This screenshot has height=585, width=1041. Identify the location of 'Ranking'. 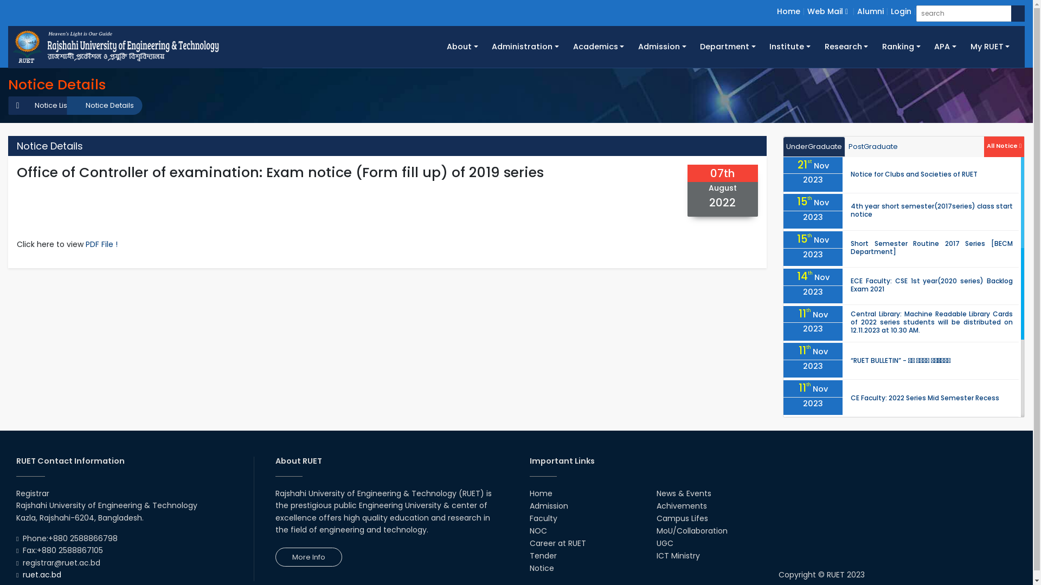
(901, 46).